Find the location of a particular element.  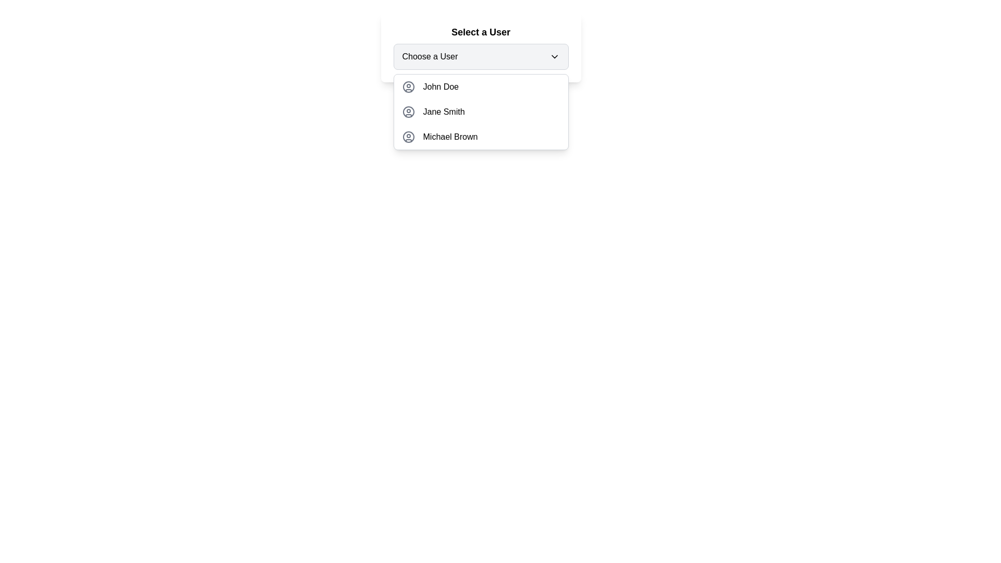

the outermost SVG Circle is located at coordinates (408, 86).